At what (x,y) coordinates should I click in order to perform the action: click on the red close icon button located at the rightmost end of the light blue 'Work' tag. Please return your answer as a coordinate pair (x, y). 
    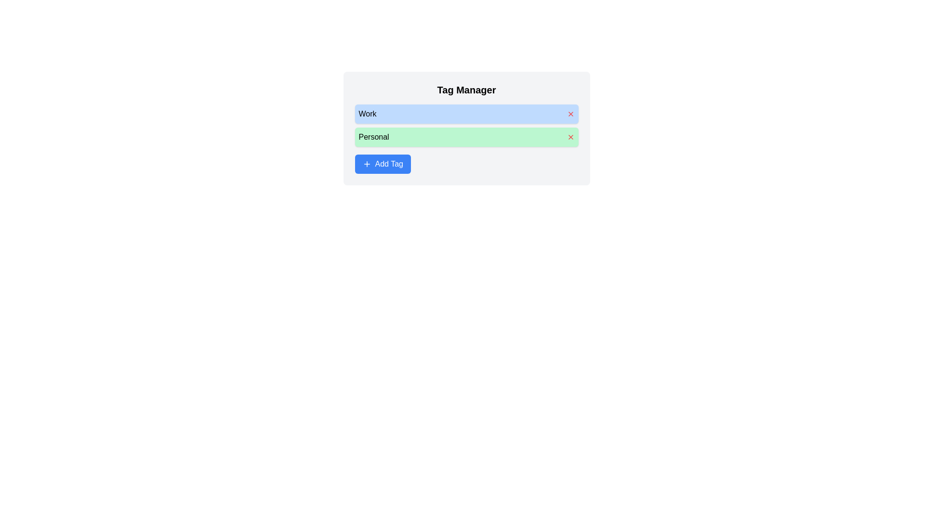
    Looking at the image, I should click on (570, 113).